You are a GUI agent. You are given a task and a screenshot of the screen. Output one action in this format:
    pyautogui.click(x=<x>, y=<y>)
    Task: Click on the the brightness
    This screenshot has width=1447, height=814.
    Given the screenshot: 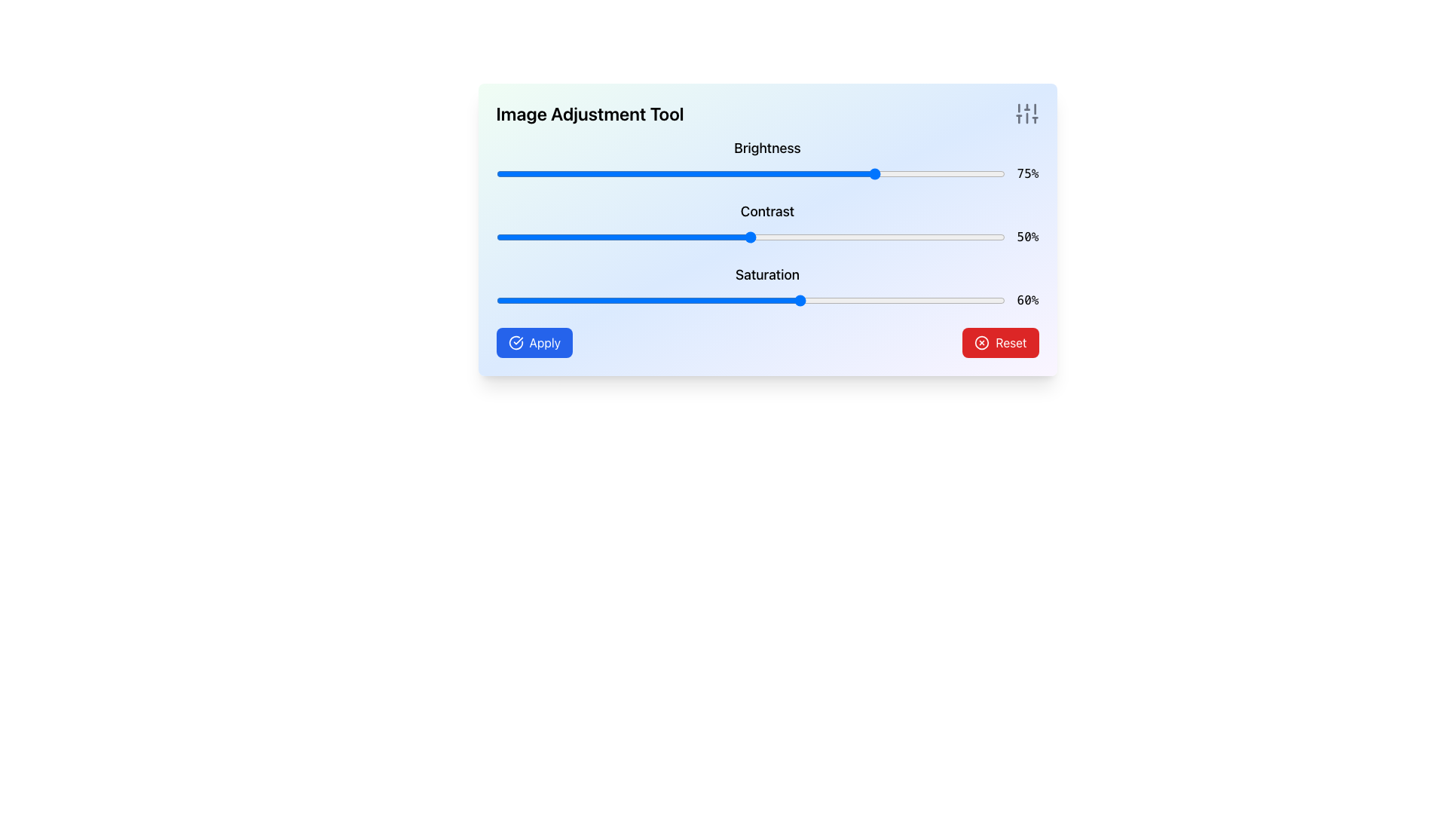 What is the action you would take?
    pyautogui.click(x=745, y=173)
    